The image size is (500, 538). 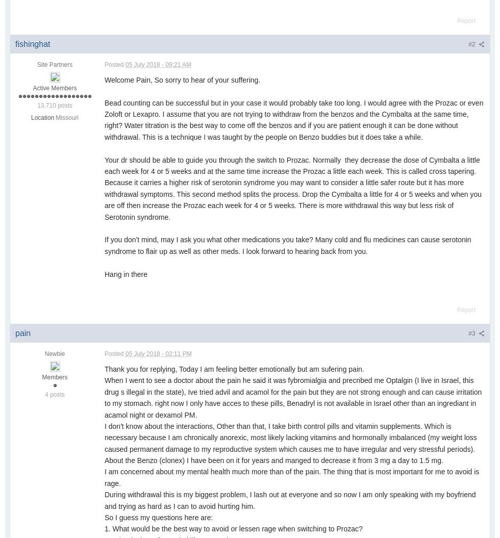 What do you see at coordinates (468, 44) in the screenshot?
I see `'#2'` at bounding box center [468, 44].